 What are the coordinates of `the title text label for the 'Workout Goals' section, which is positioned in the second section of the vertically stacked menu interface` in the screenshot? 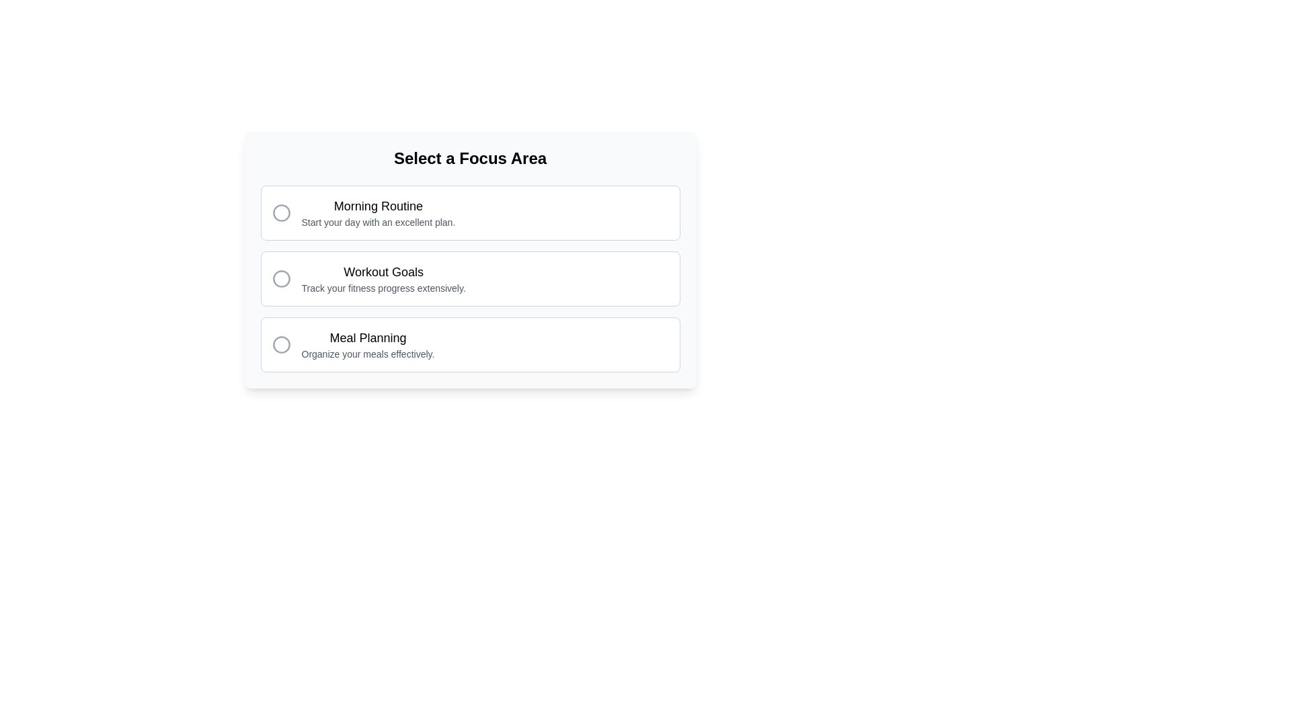 It's located at (383, 272).